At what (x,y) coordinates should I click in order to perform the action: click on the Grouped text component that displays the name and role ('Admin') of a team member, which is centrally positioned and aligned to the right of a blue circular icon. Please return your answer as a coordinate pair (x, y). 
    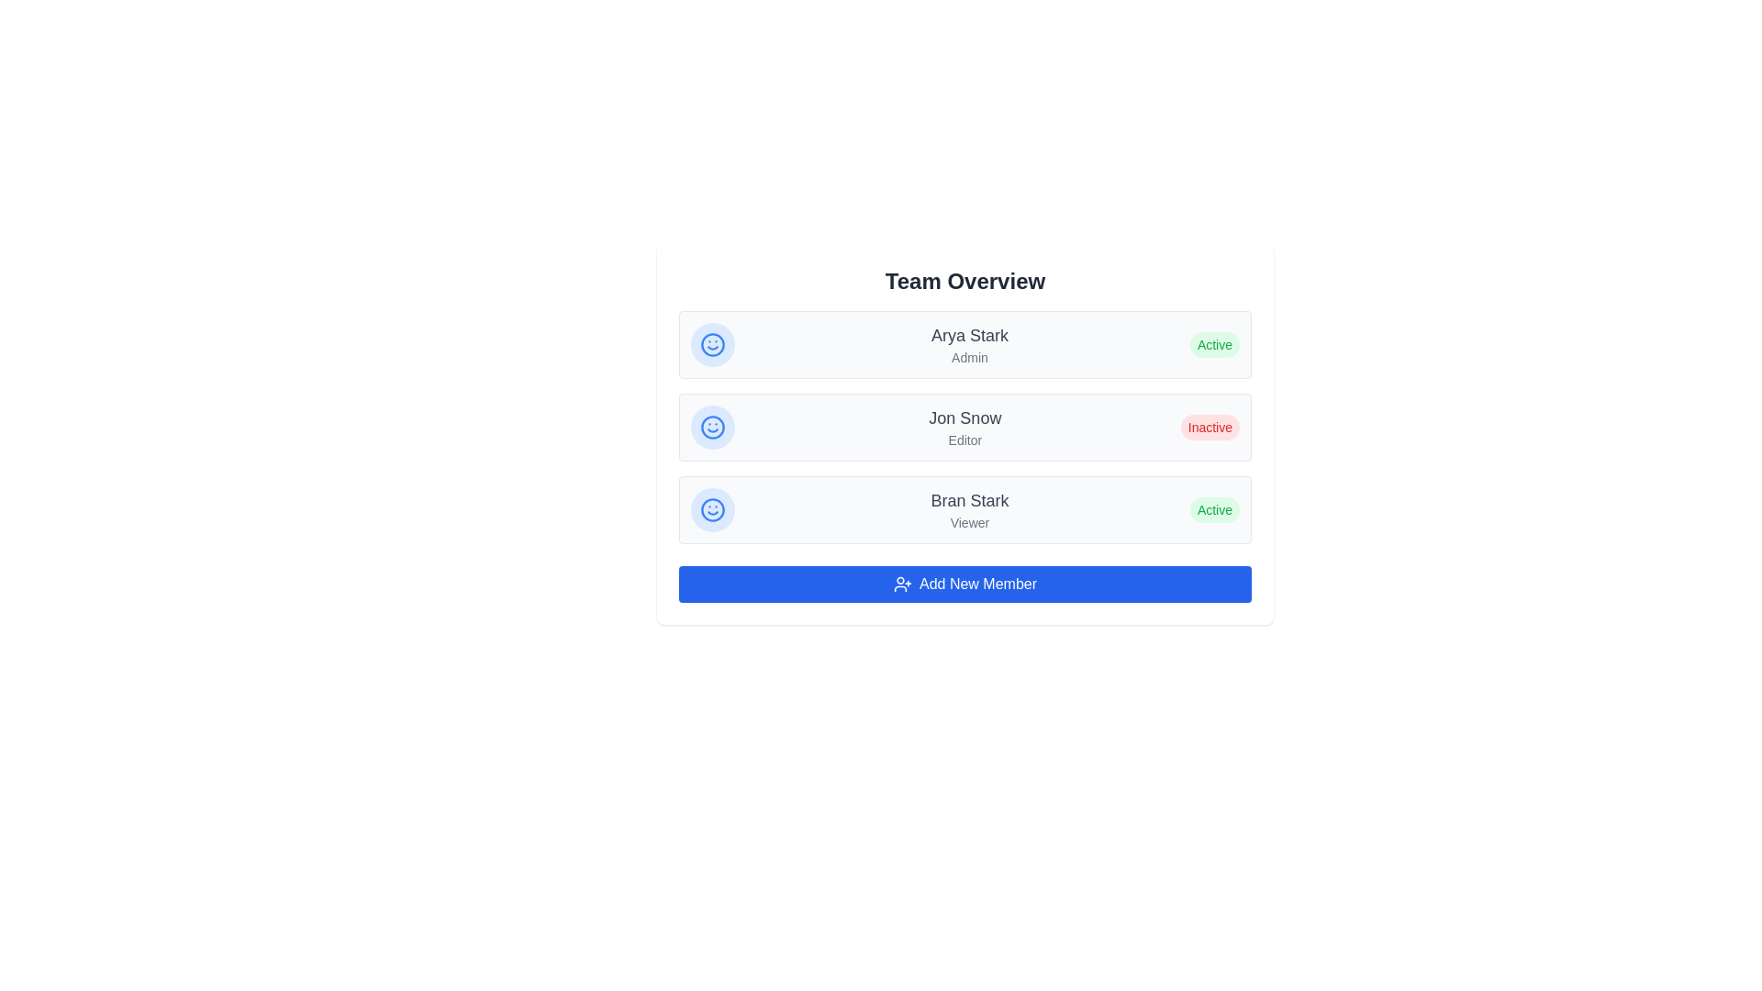
    Looking at the image, I should click on (968, 344).